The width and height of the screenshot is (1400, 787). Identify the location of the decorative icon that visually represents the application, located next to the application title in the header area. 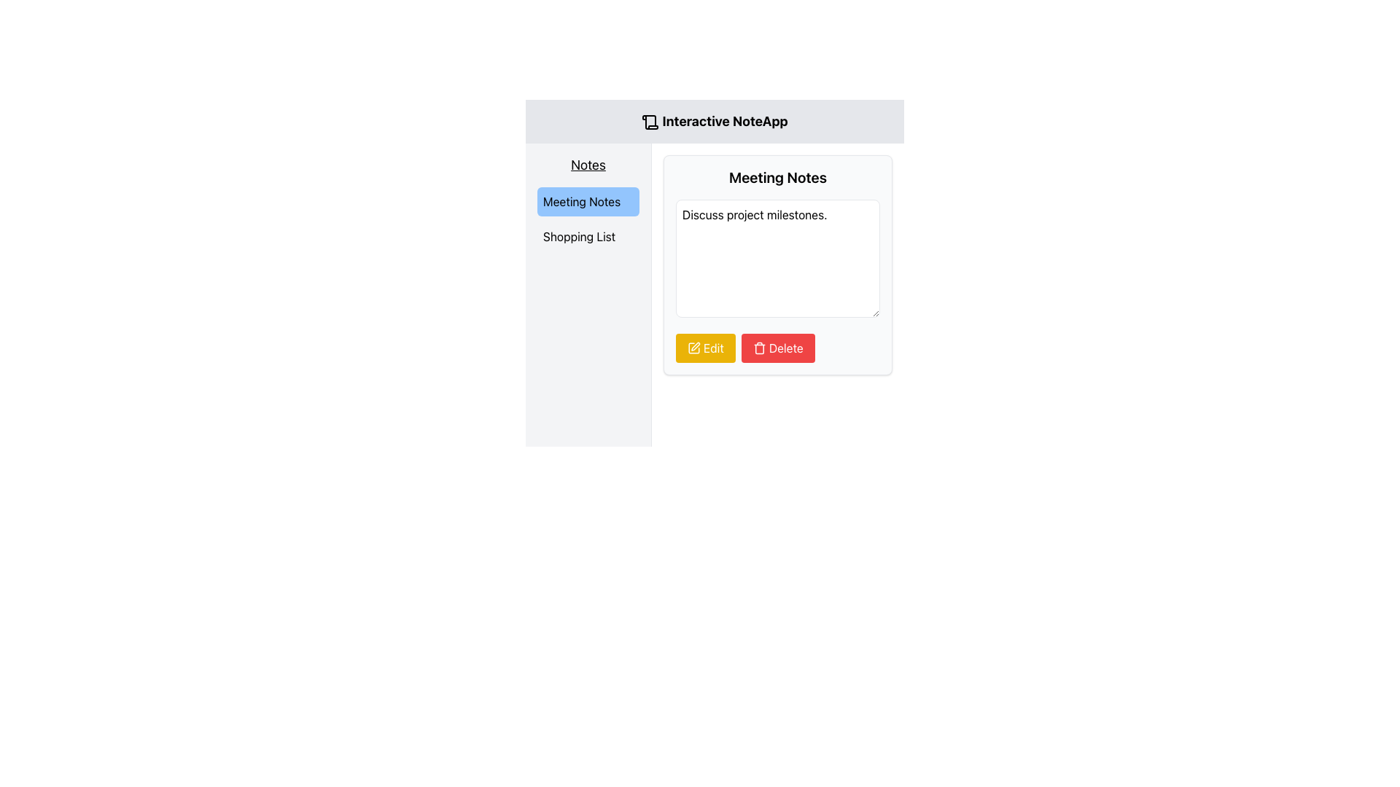
(650, 122).